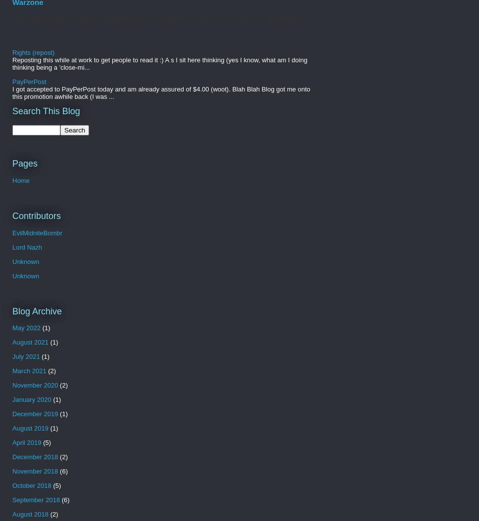 The height and width of the screenshot is (521, 479). Describe the element at coordinates (29, 371) in the screenshot. I see `'March 2021'` at that location.